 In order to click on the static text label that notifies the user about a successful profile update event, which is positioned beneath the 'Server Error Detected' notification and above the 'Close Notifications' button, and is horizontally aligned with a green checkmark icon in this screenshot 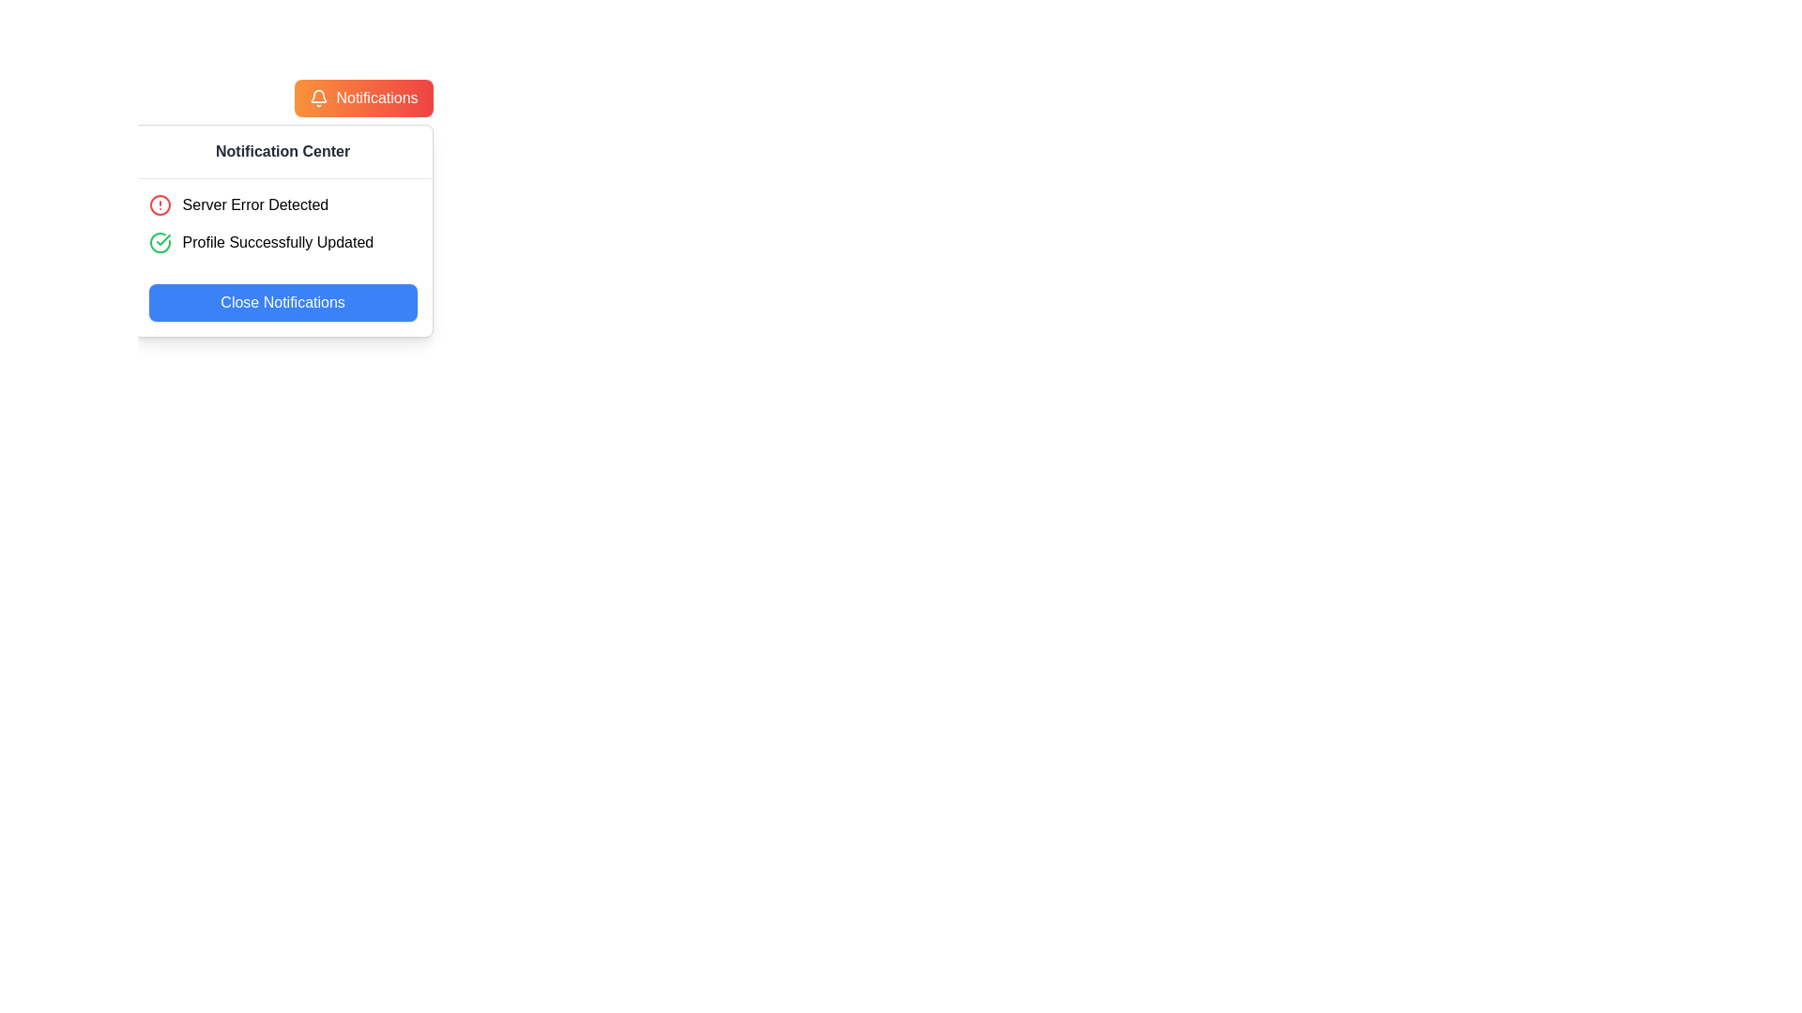, I will do `click(277, 241)`.